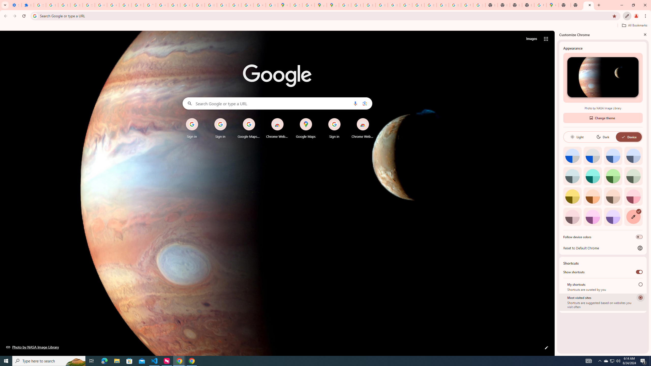  Describe the element at coordinates (613, 156) in the screenshot. I see `'Blue'` at that location.